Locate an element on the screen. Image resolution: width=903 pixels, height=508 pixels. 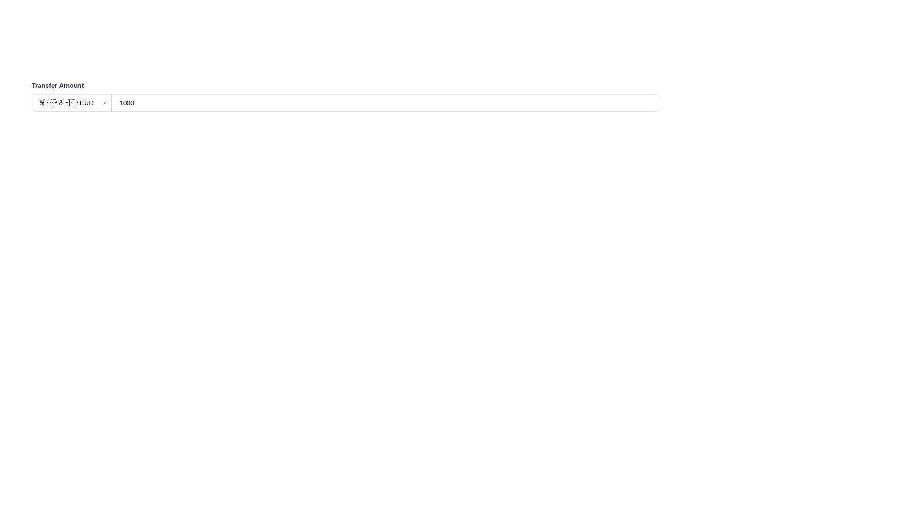
the dropdown icon located to the right of the currency label 'EUR' in the 'Transfer Amount' input field is located at coordinates (104, 103).